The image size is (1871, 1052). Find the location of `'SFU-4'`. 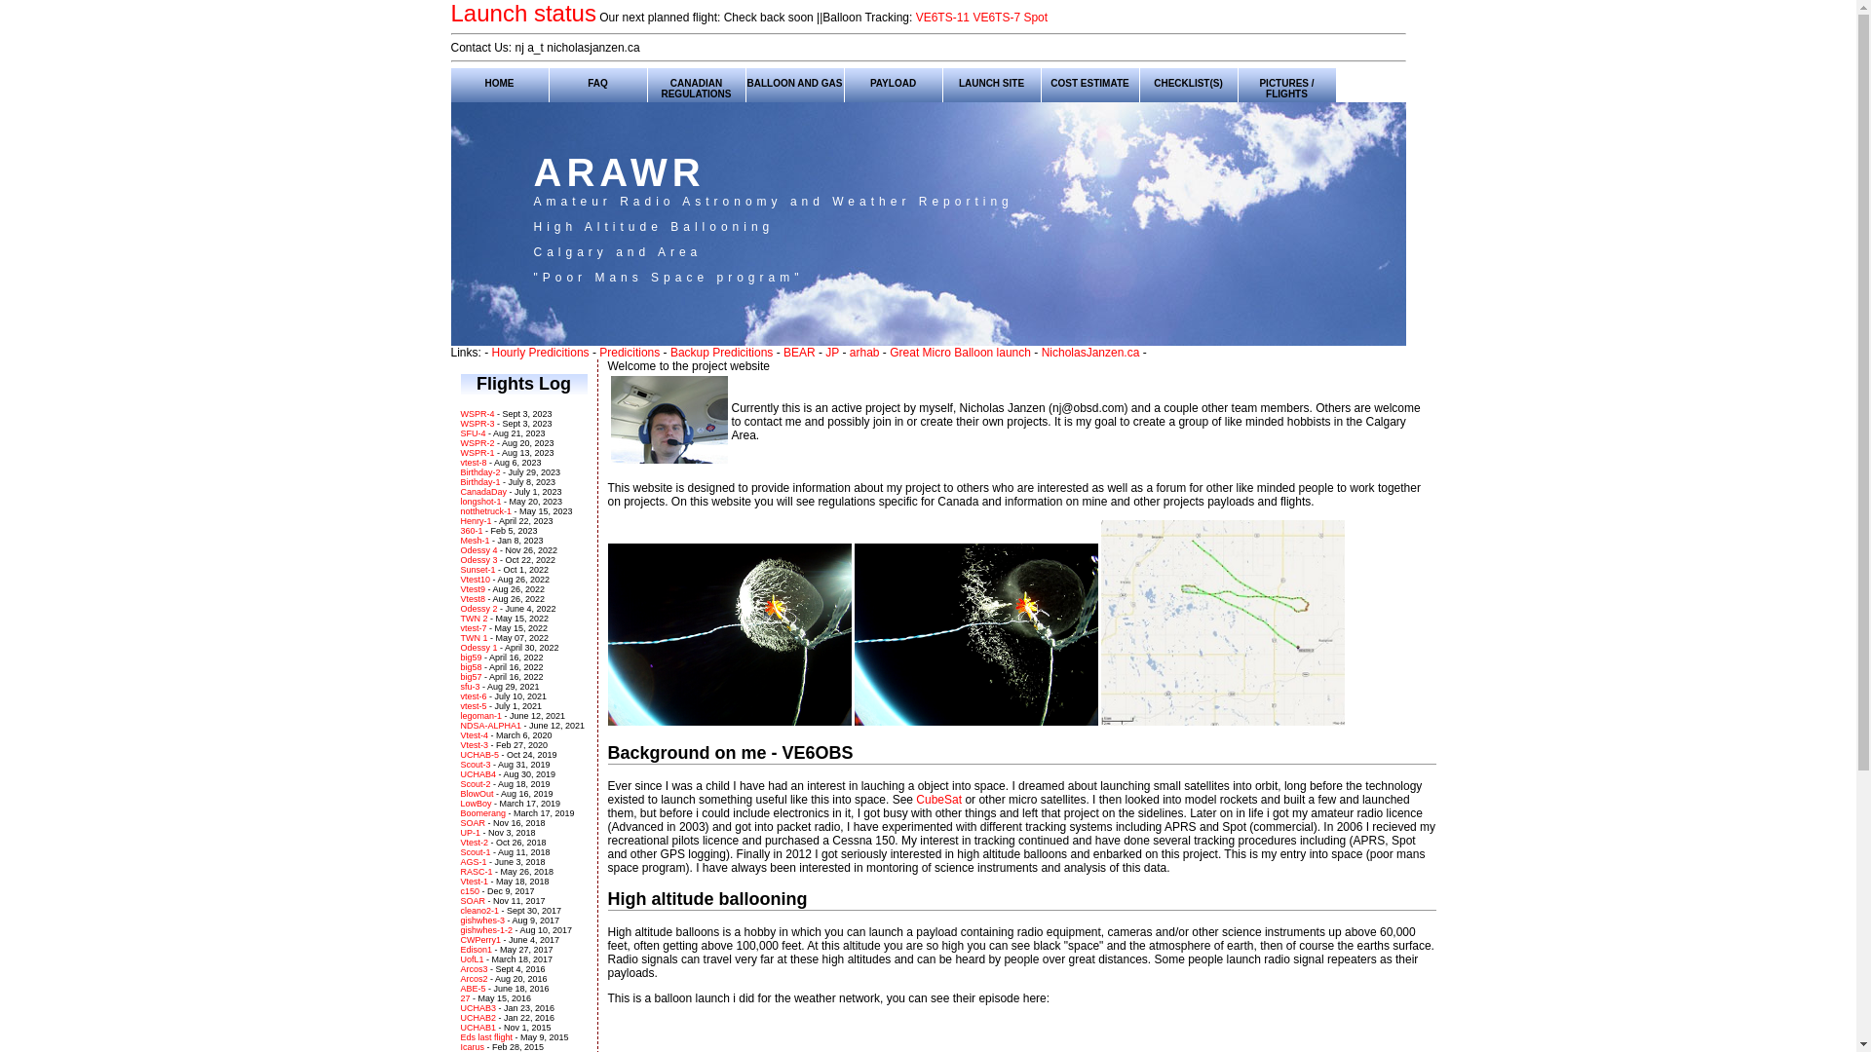

'SFU-4' is located at coordinates (472, 432).